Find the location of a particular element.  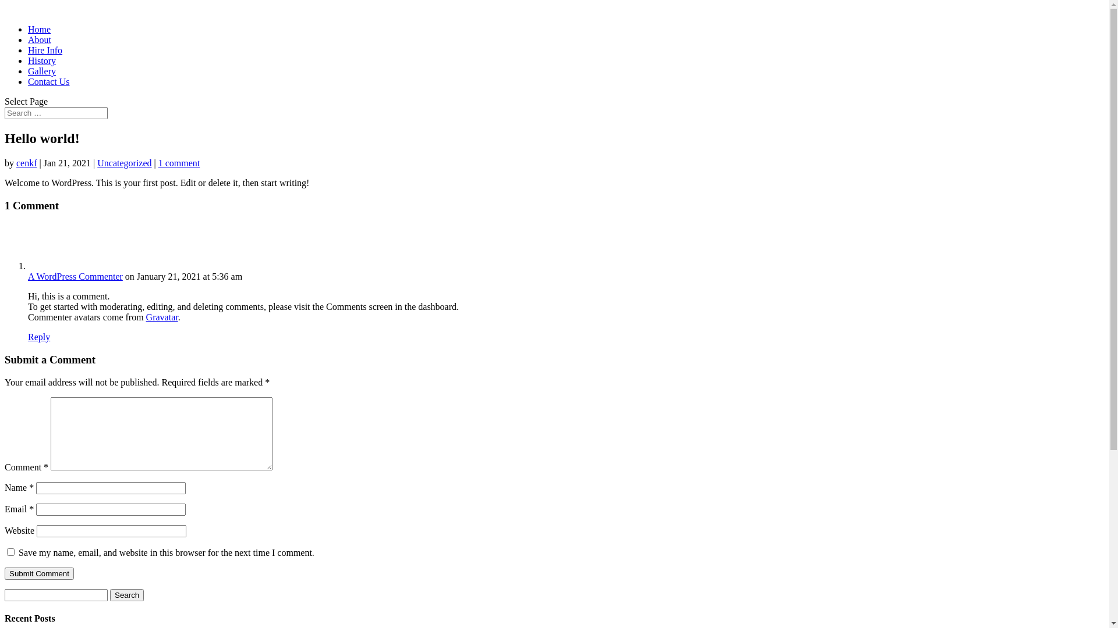

'A WordPress Commenter' is located at coordinates (28, 276).